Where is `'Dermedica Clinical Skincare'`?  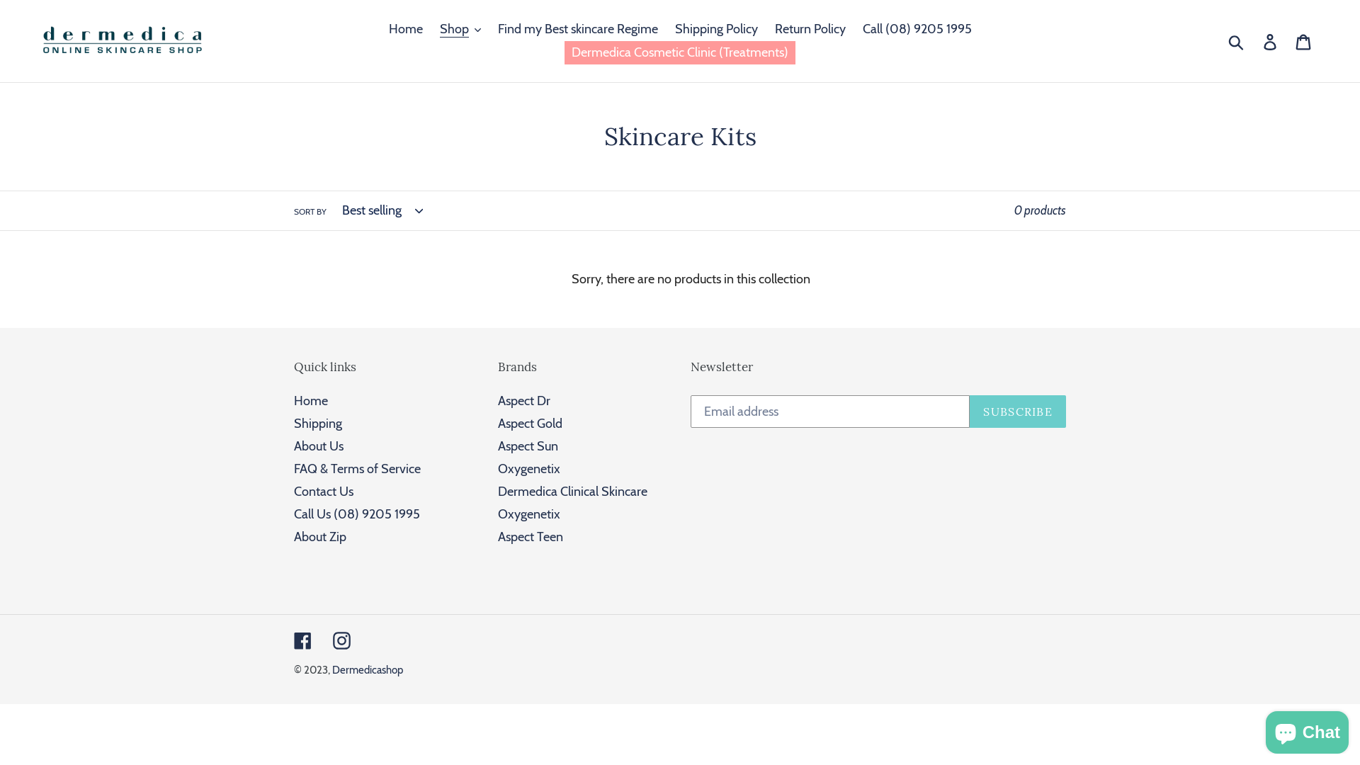 'Dermedica Clinical Skincare' is located at coordinates (497, 491).